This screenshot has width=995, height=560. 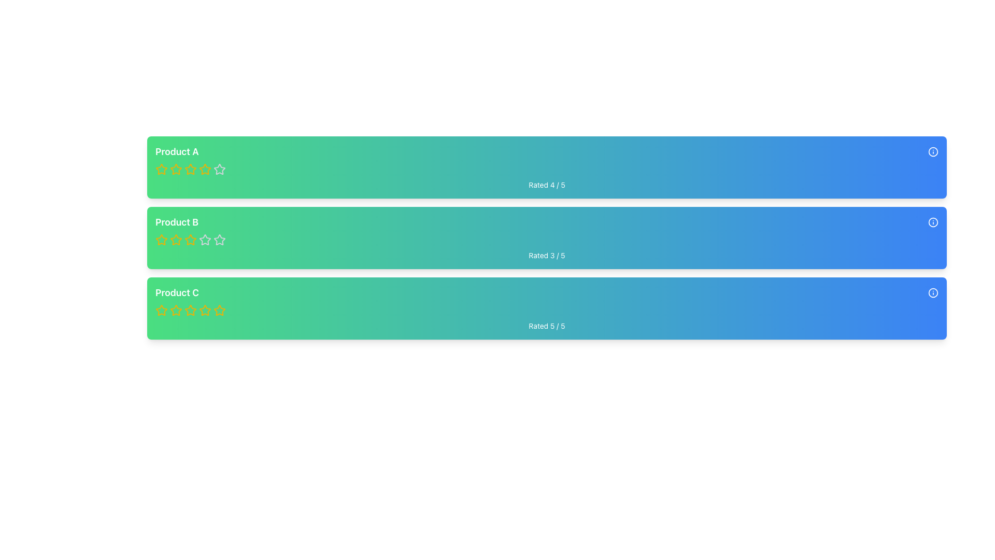 I want to click on the fifth yellow star icon with a green outline in the rating row for 'Product C.', so click(x=219, y=310).